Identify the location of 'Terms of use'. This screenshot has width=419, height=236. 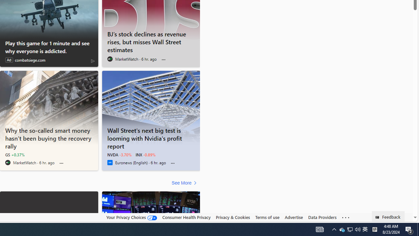
(267, 217).